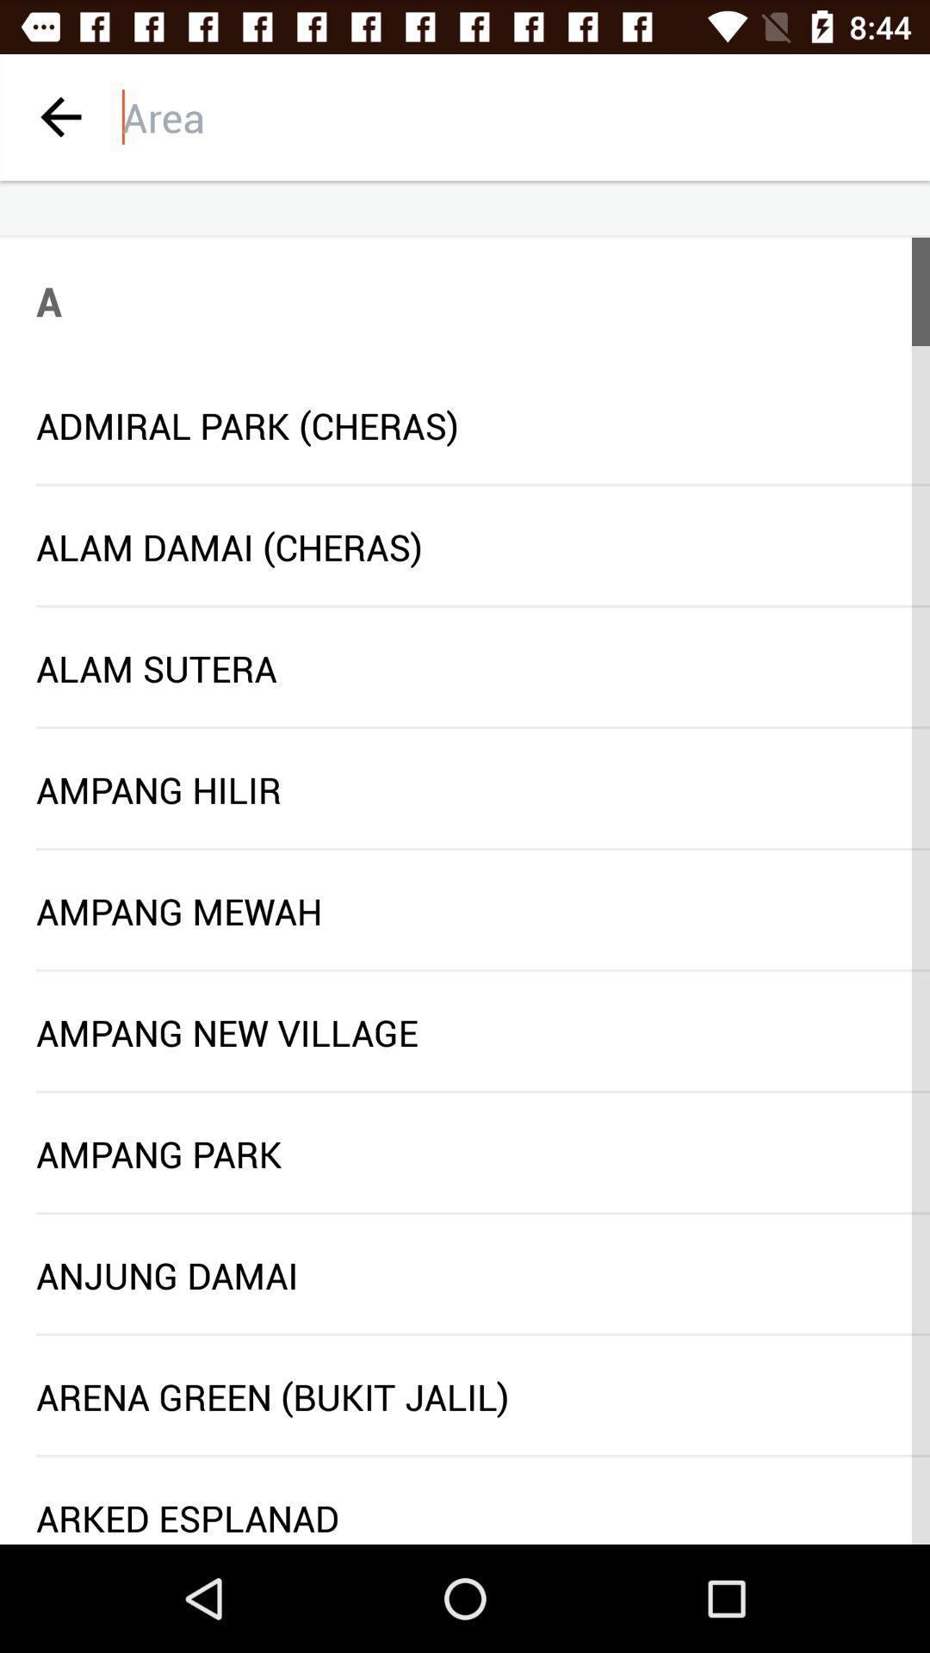 This screenshot has height=1653, width=930. I want to click on the arena green bukit icon, so click(465, 1396).